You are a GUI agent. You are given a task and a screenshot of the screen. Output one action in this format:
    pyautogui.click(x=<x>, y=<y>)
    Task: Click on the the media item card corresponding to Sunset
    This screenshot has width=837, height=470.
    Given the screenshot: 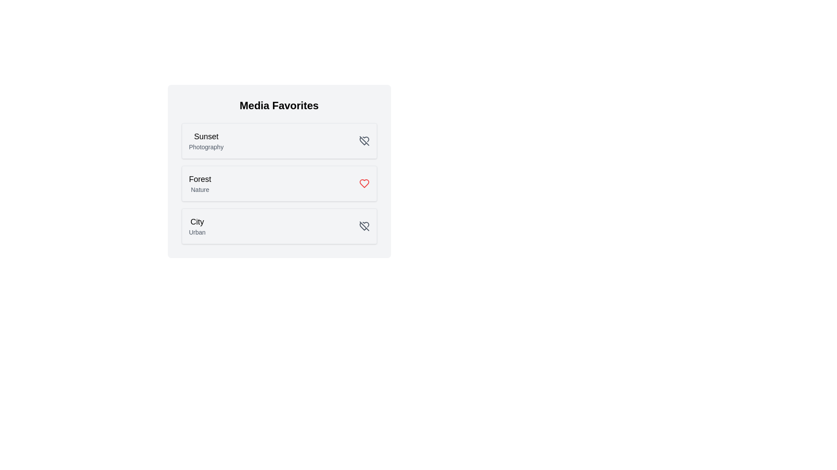 What is the action you would take?
    pyautogui.click(x=279, y=141)
    